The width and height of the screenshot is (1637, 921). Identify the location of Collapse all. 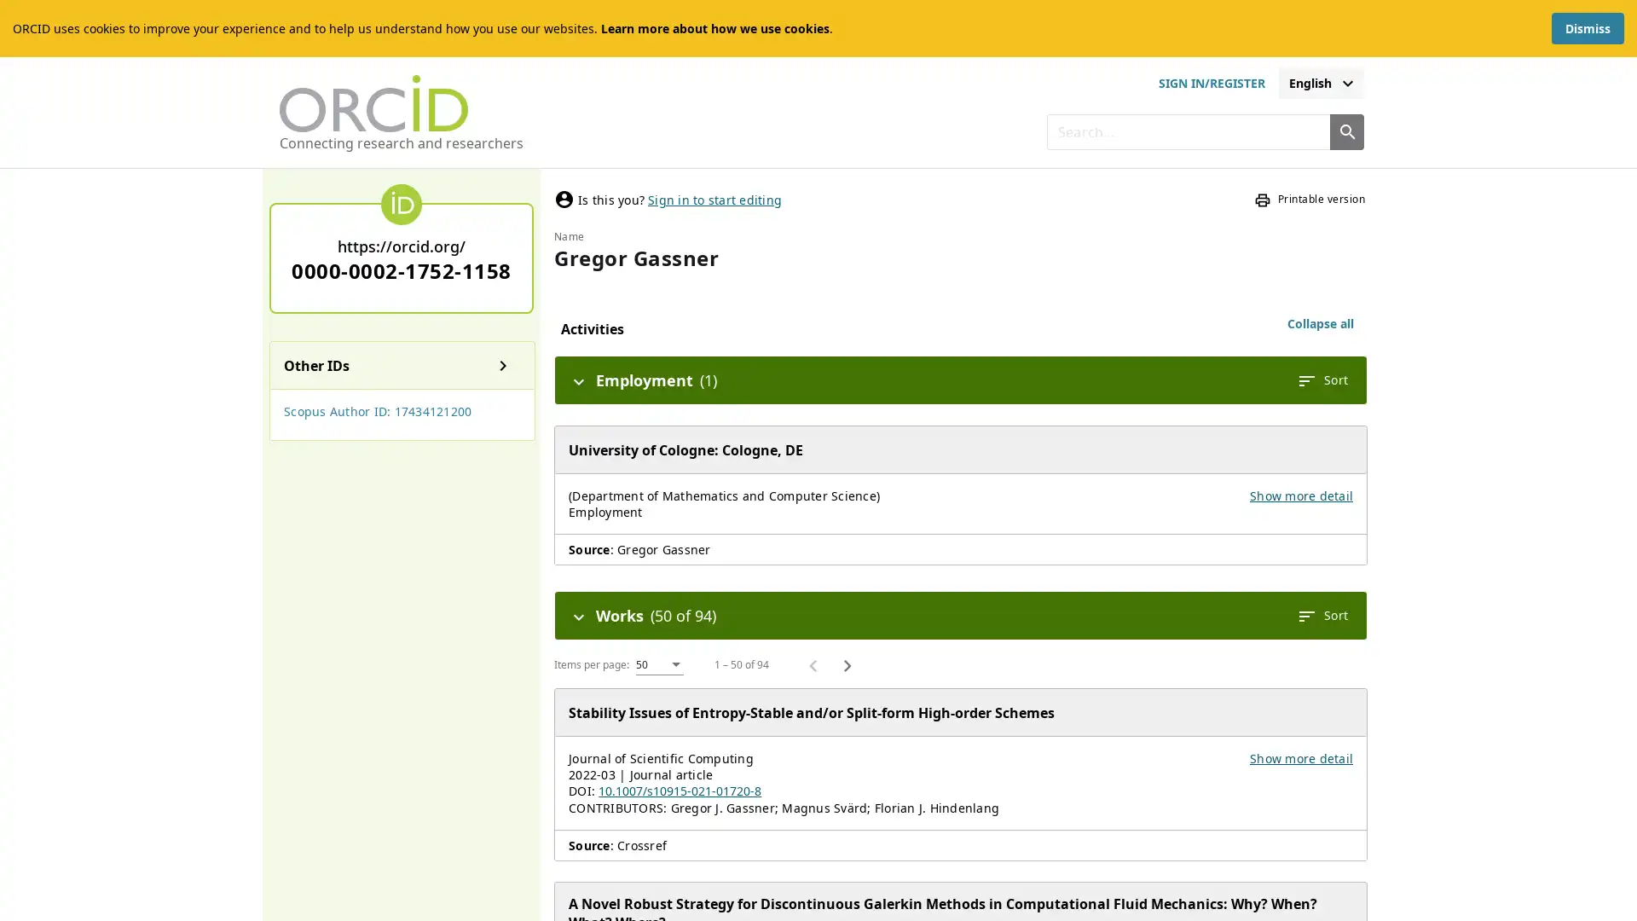
(1320, 324).